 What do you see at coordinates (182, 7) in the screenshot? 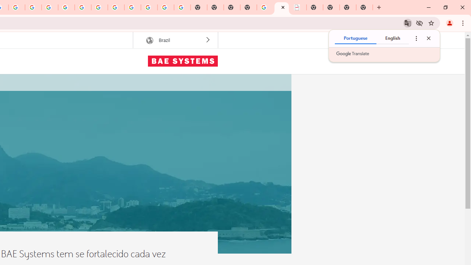
I see `'Google Images'` at bounding box center [182, 7].